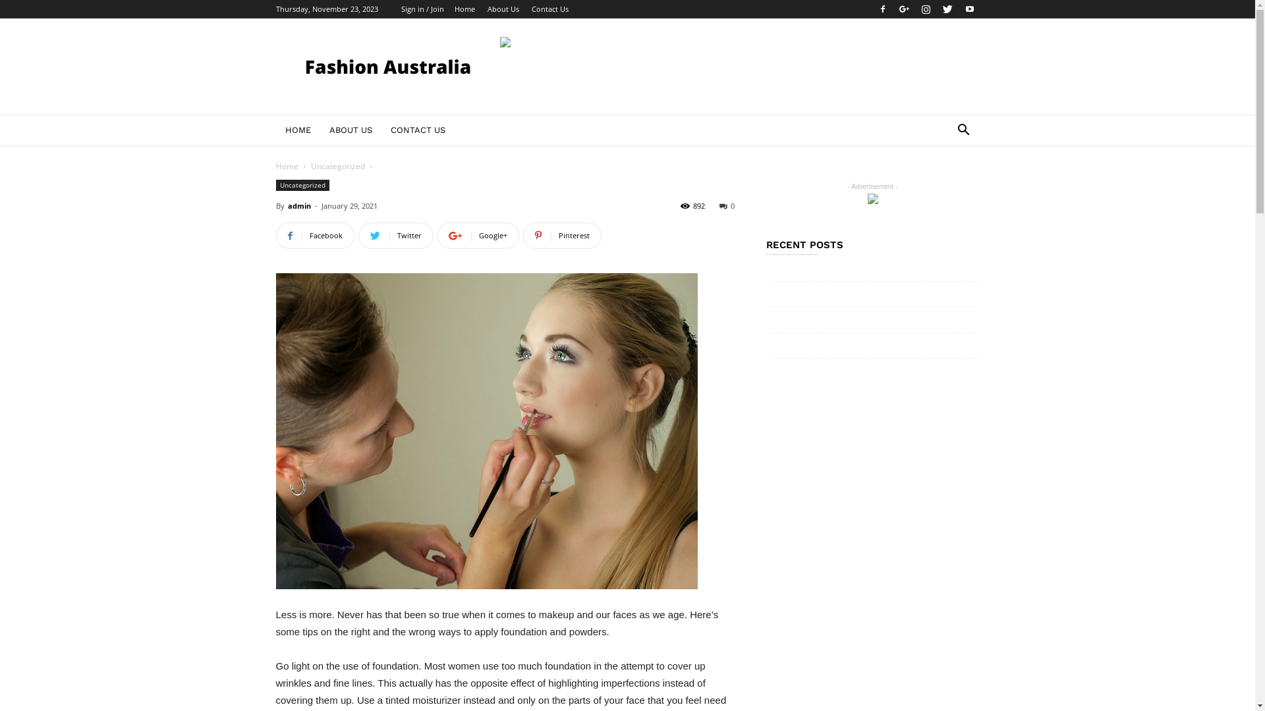 This screenshot has width=1265, height=711. What do you see at coordinates (296, 130) in the screenshot?
I see `'HOME'` at bounding box center [296, 130].